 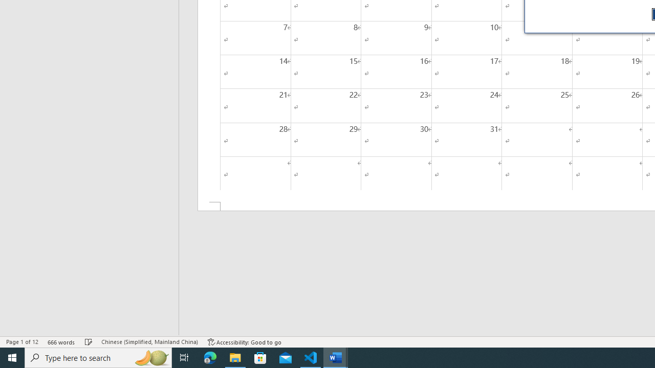 I want to click on 'Visual Studio Code - 1 running window', so click(x=310, y=357).